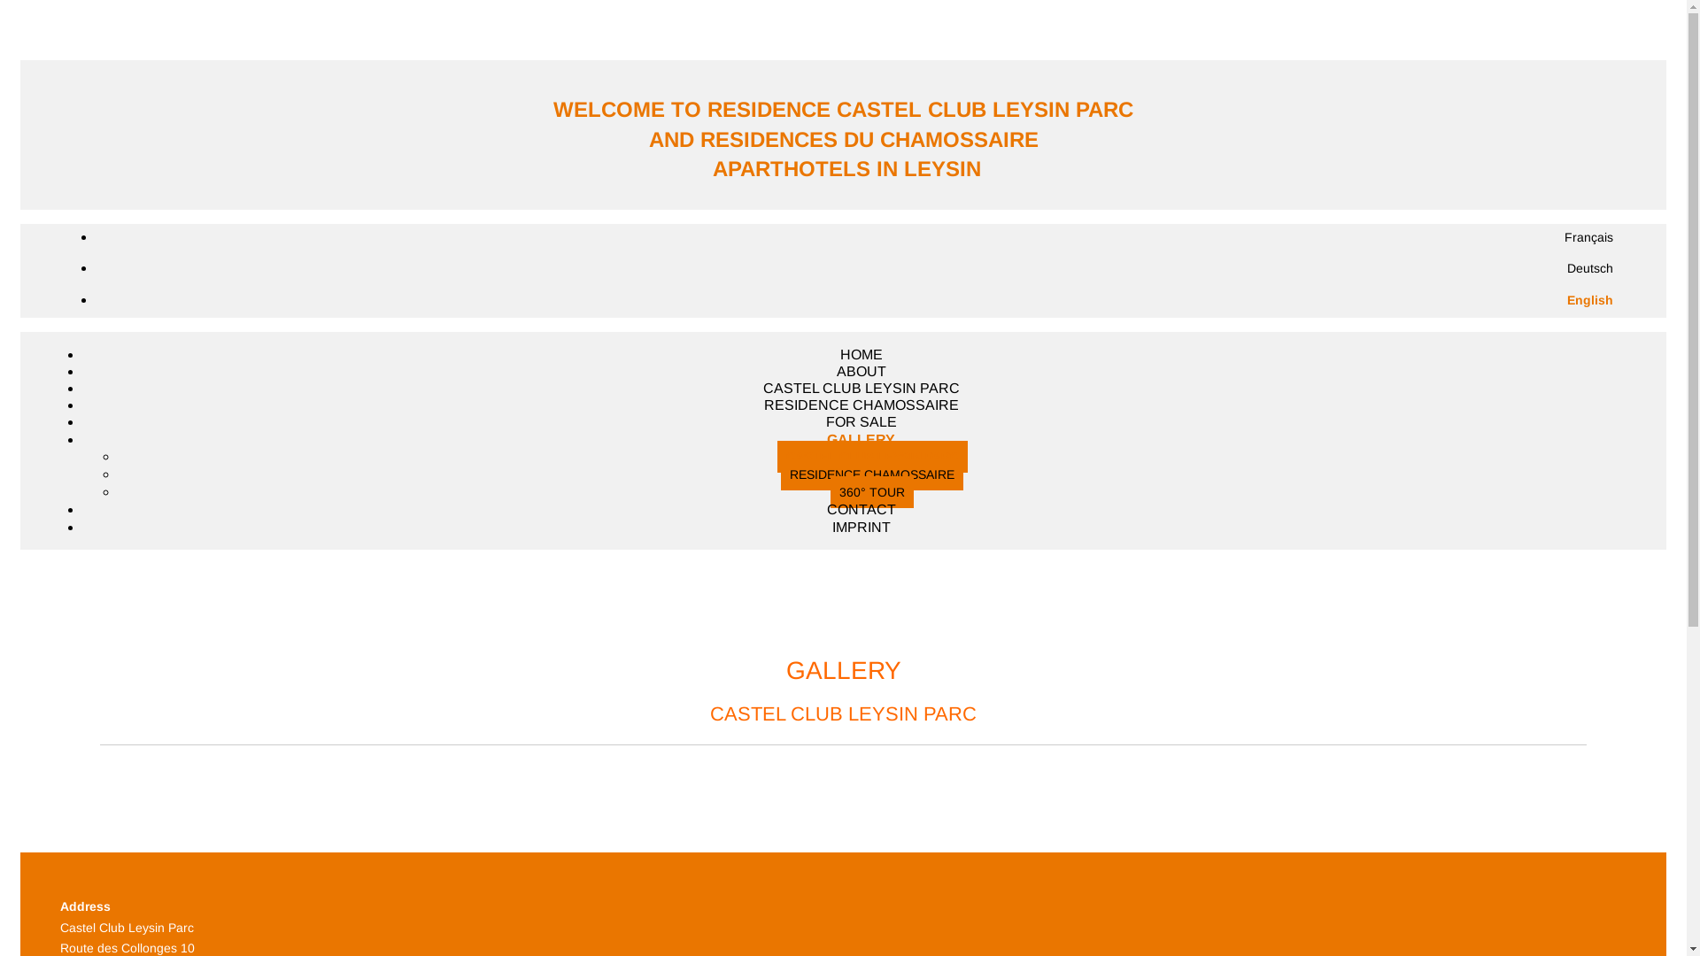 The image size is (1700, 956). What do you see at coordinates (1589, 299) in the screenshot?
I see `'English'` at bounding box center [1589, 299].